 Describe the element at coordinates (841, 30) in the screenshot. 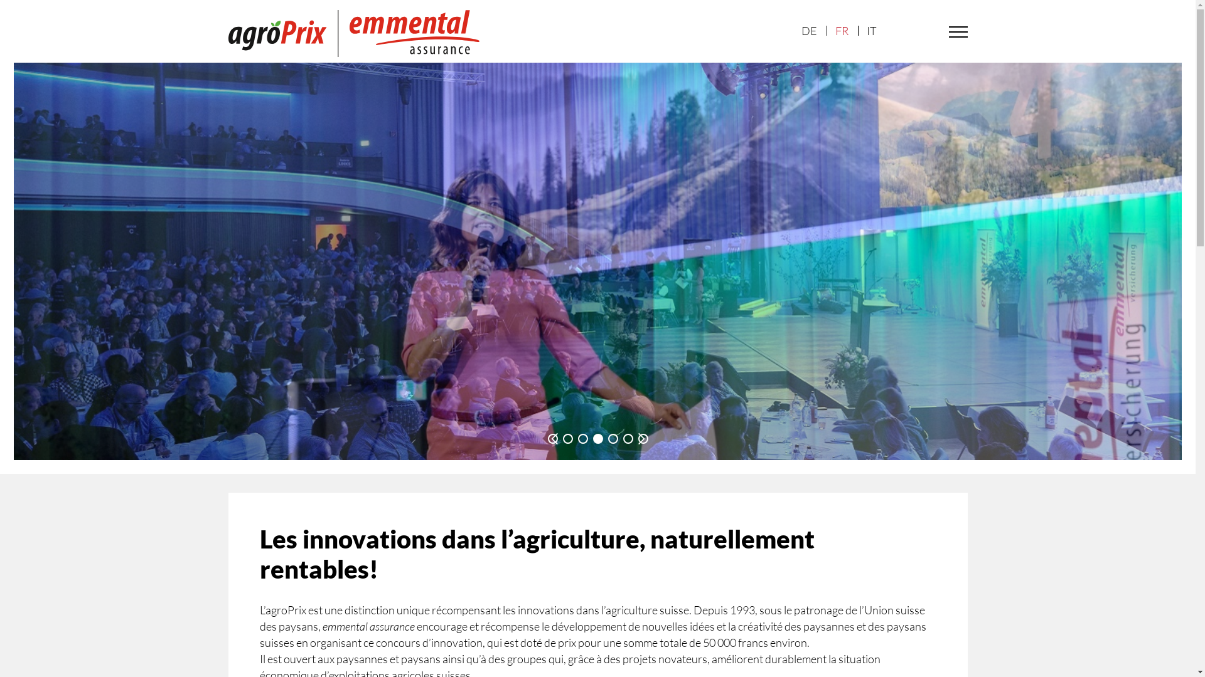

I see `'FR'` at that location.